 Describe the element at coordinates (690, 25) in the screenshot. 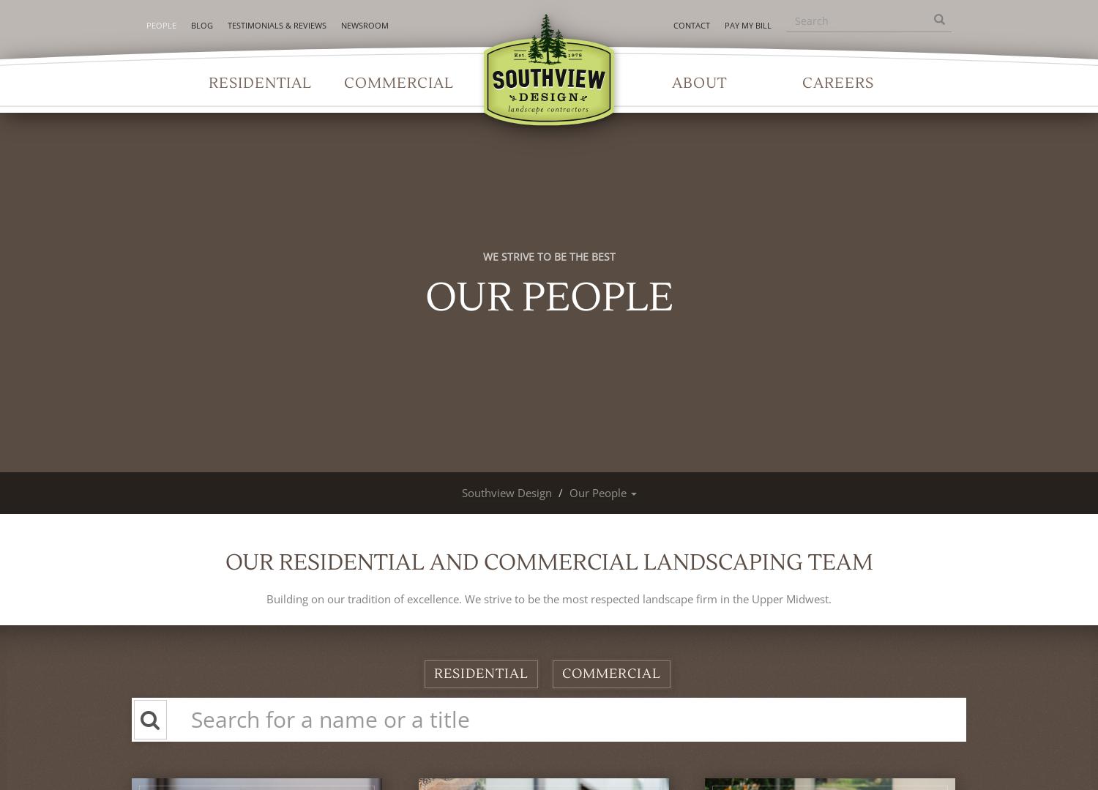

I see `'Contact'` at that location.